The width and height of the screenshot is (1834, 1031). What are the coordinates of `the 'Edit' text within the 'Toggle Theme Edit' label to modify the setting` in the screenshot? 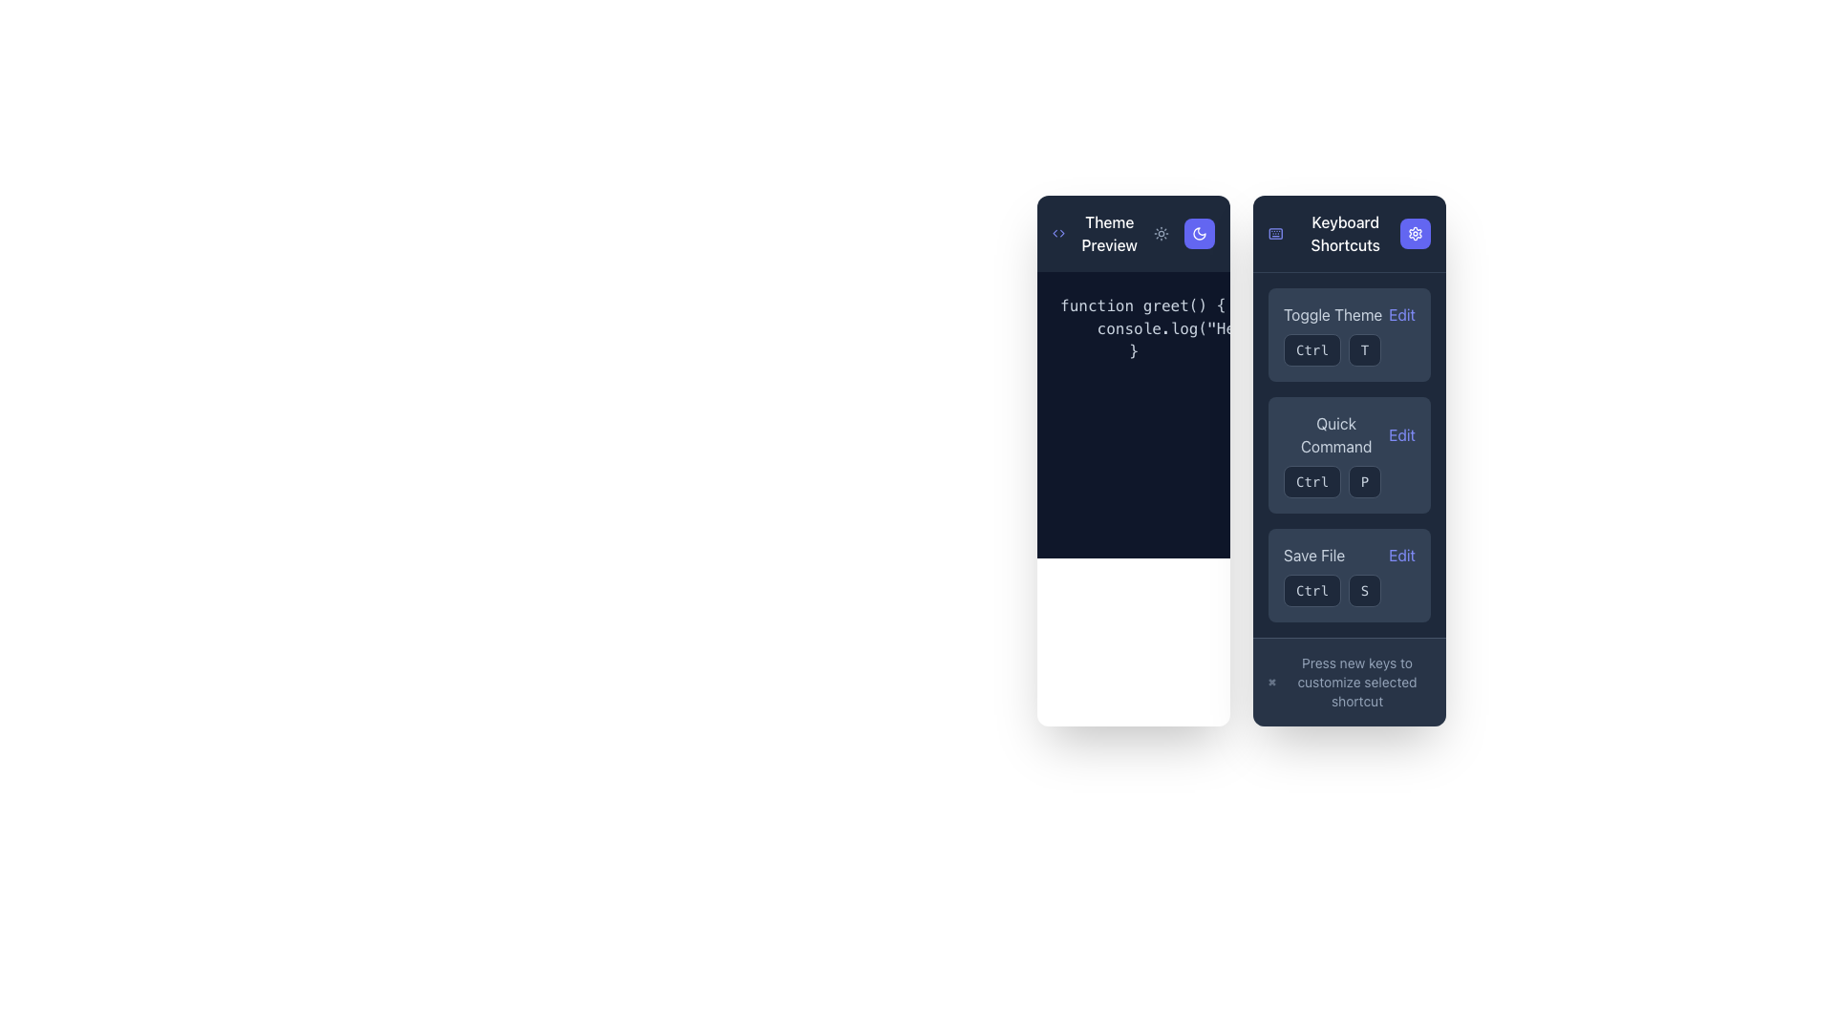 It's located at (1348, 314).